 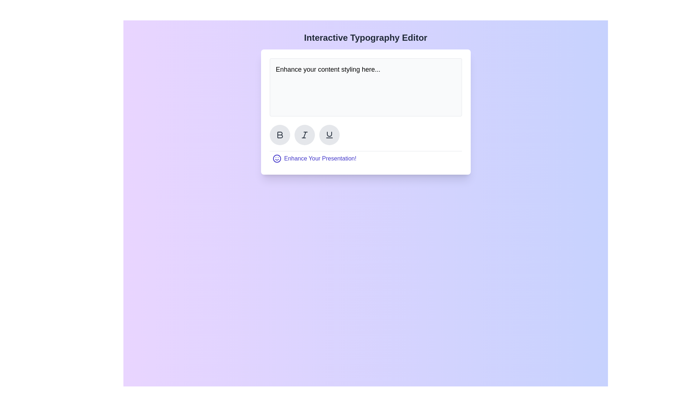 What do you see at coordinates (279, 135) in the screenshot?
I see `the circular button with a gray background and a bold 'B' icon, located at the top-left corner of the interactive toolbar in the Typography Editor` at bounding box center [279, 135].